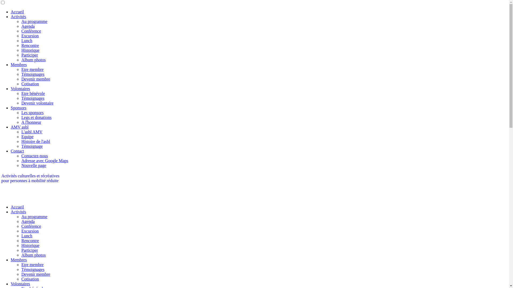 This screenshot has width=513, height=288. What do you see at coordinates (32, 132) in the screenshot?
I see `'L'asbl AMV'` at bounding box center [32, 132].